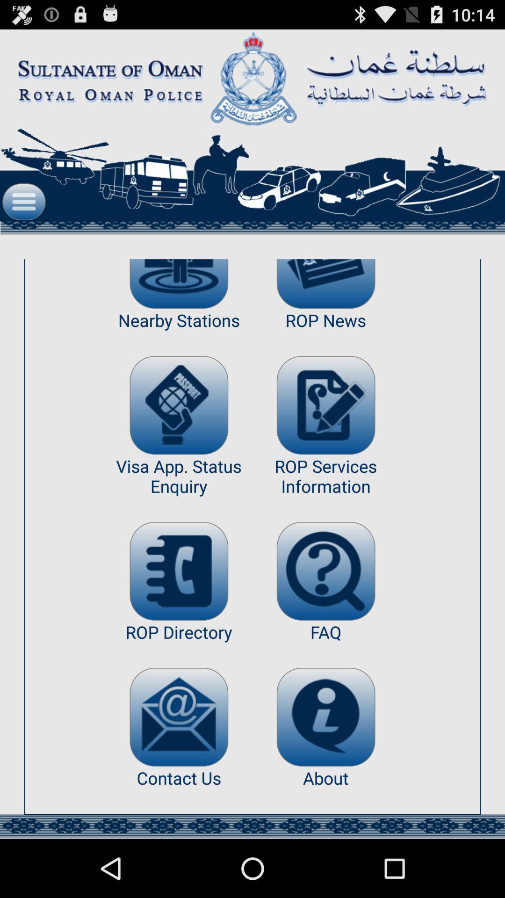 Image resolution: width=505 pixels, height=898 pixels. I want to click on icon at the top left corner, so click(23, 201).